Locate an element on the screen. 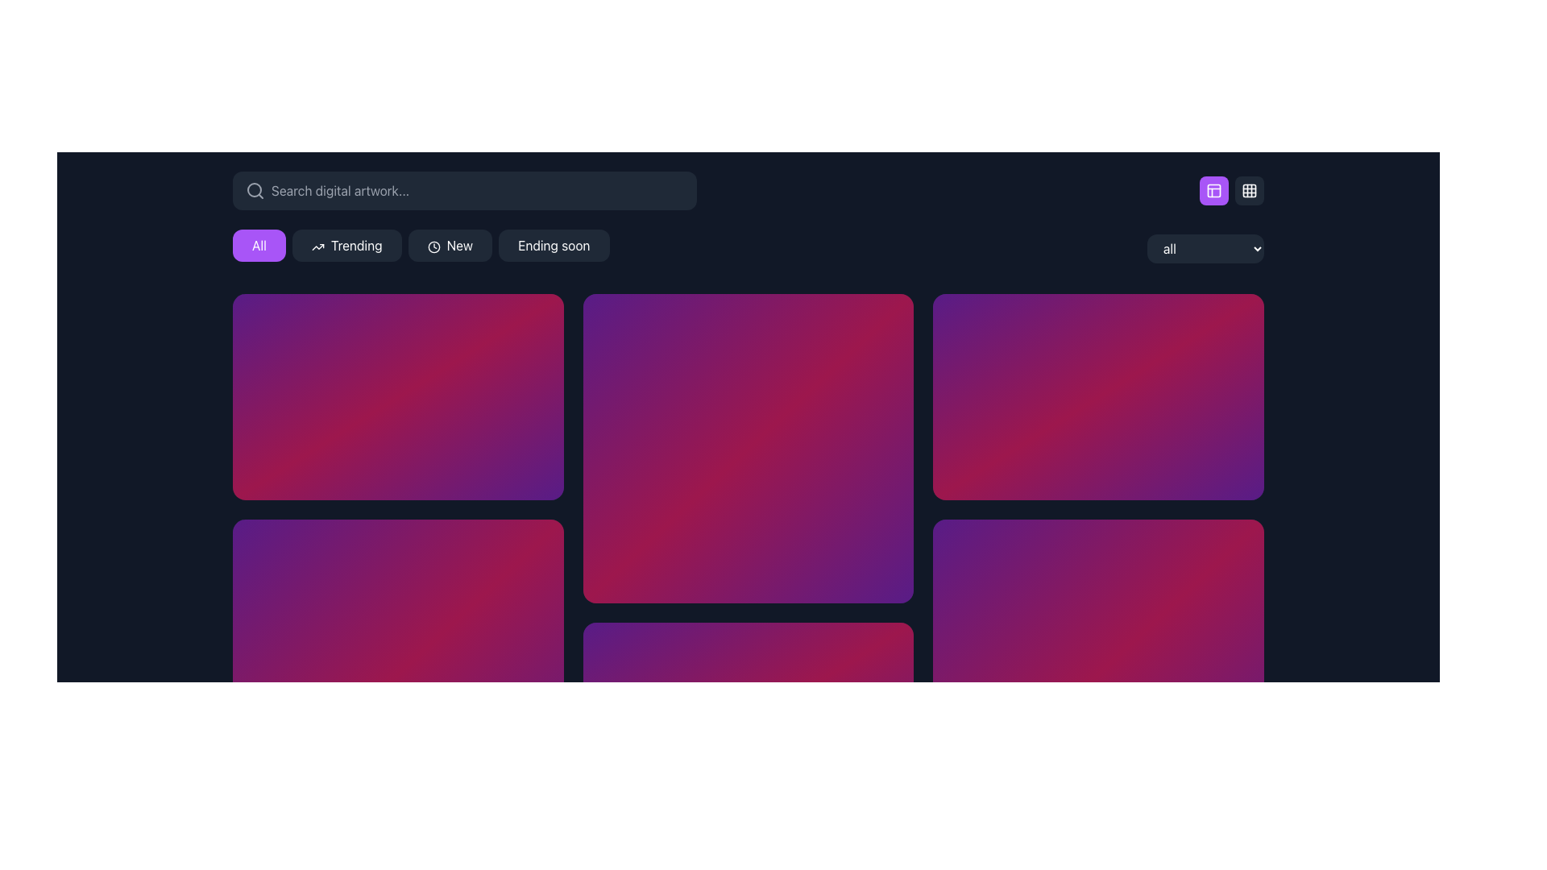 This screenshot has height=870, width=1547. the small square button with a grid icon that consists of nine smaller squares arranged in a 3x3 layout is located at coordinates (1248, 189).